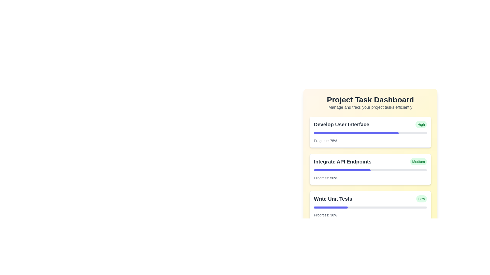 Image resolution: width=490 pixels, height=275 pixels. What do you see at coordinates (333, 198) in the screenshot?
I see `the static text element that serves as the title for the task labeled 'Write Unit Tests' in the Project Task Dashboard, located beside the 'Low' priority badge` at bounding box center [333, 198].